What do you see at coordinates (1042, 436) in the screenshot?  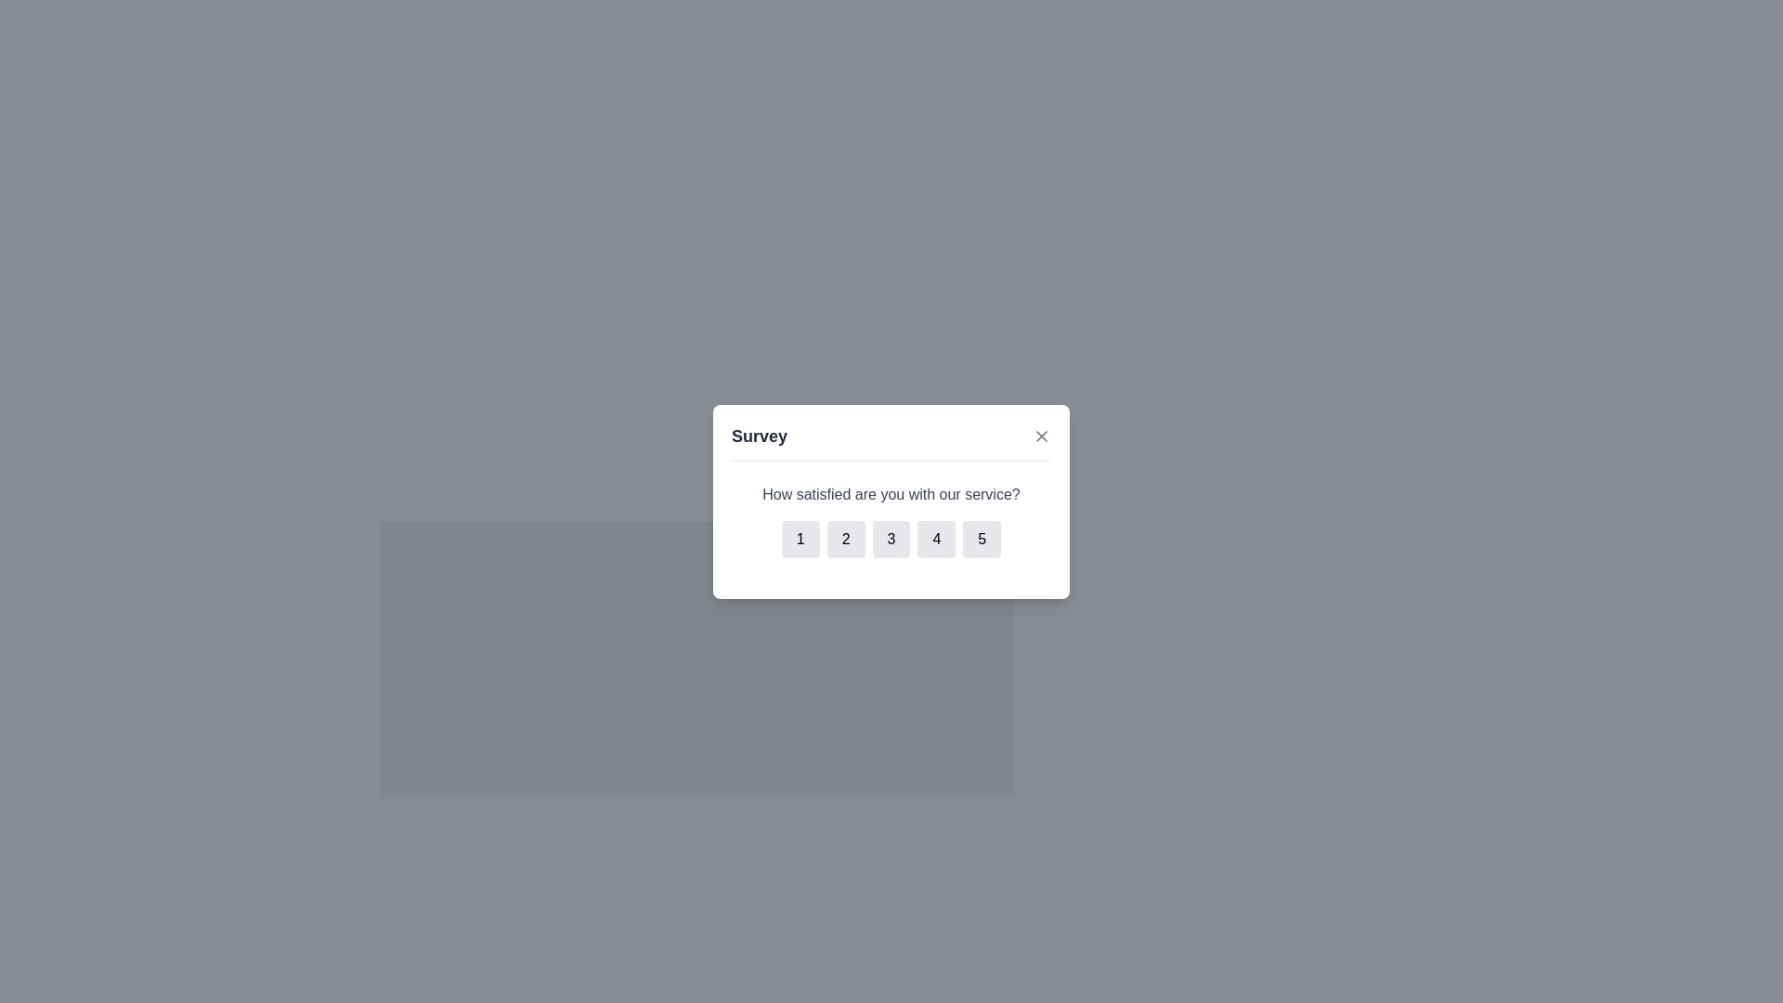 I see `the Close button located in the top-right corner of the 'Survey' modal dialog box` at bounding box center [1042, 436].